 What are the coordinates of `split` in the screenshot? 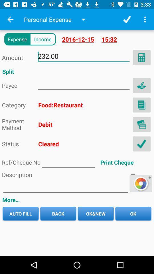 It's located at (141, 85).